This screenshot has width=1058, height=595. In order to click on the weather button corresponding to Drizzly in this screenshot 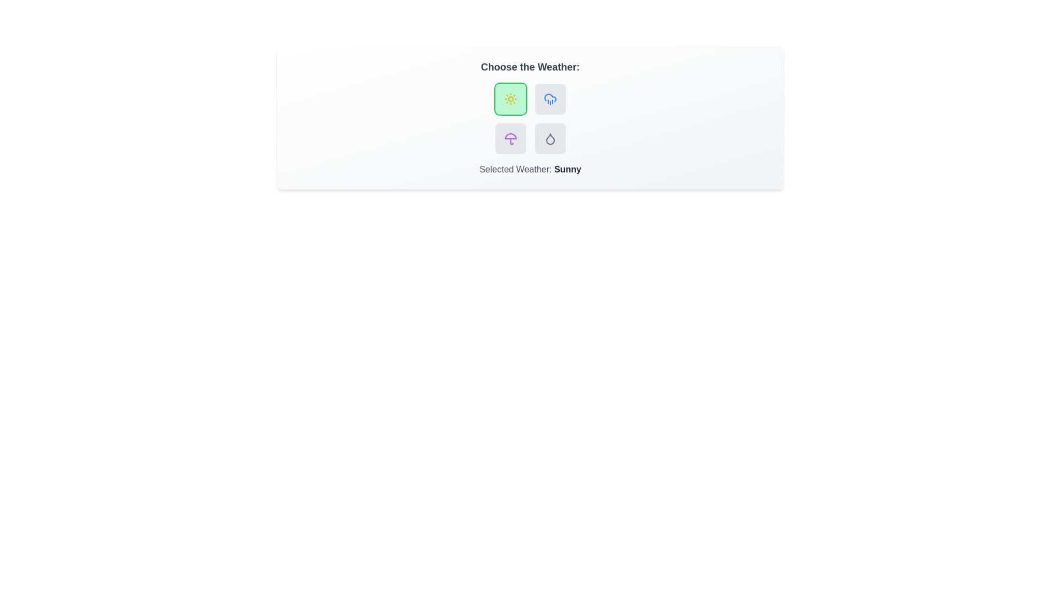, I will do `click(550, 138)`.